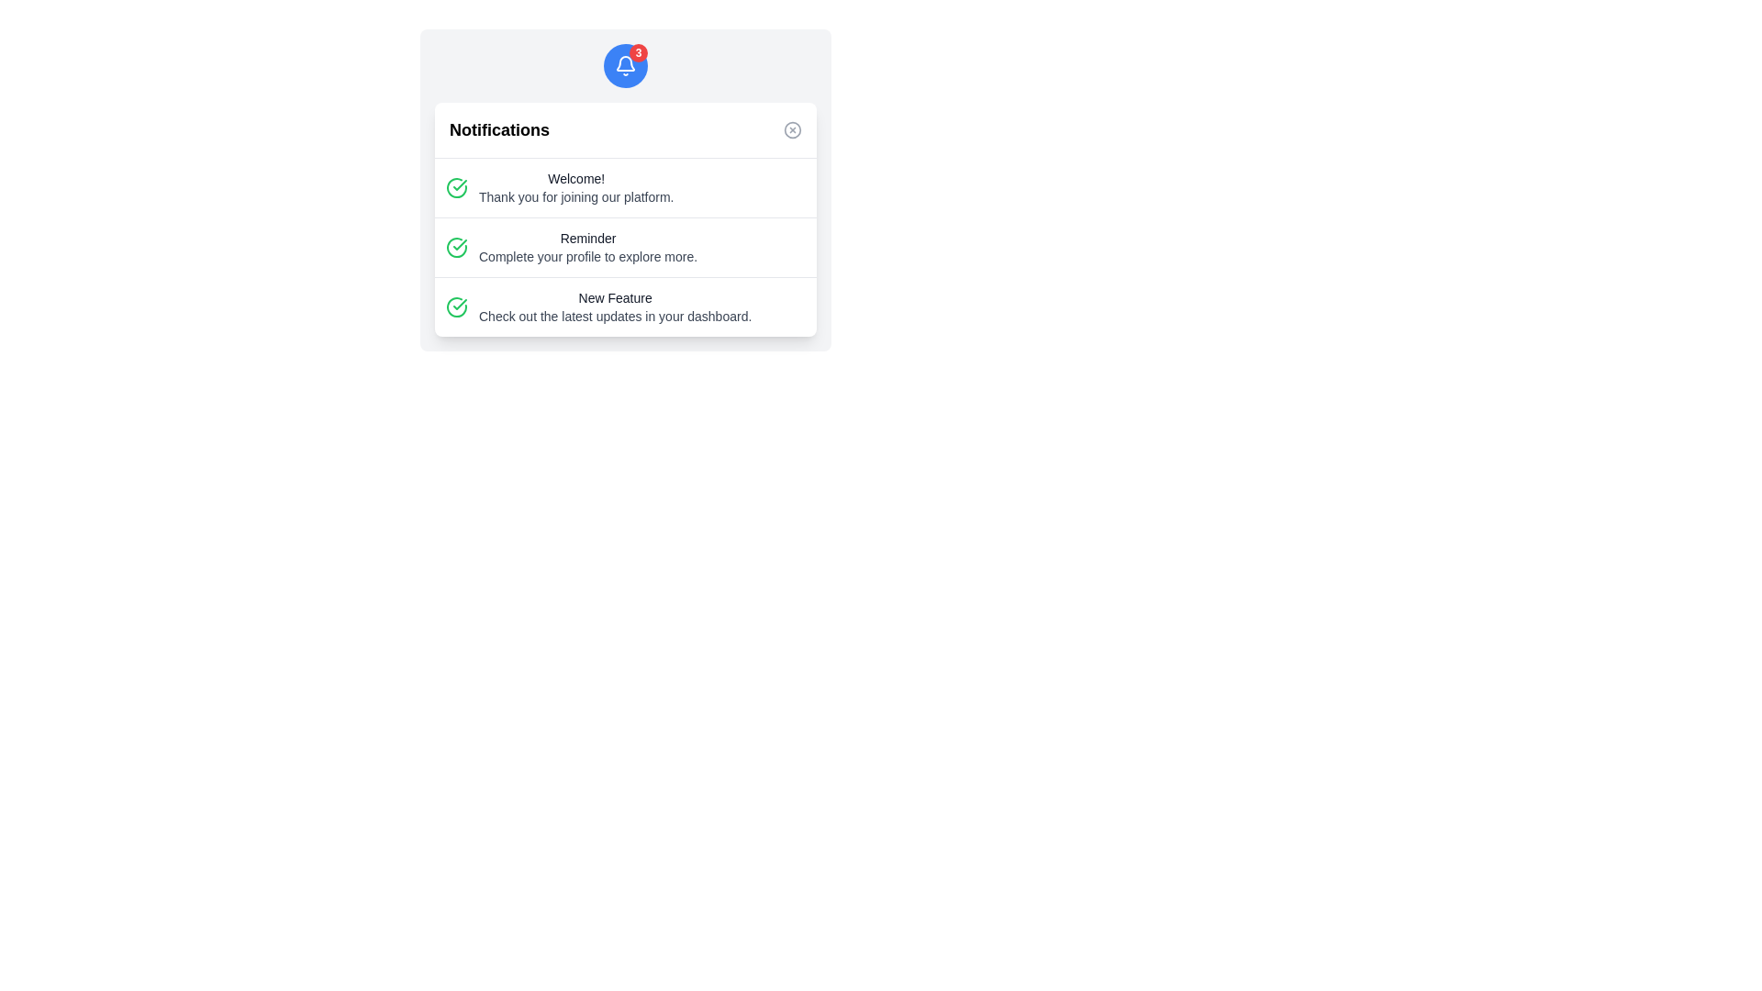 The width and height of the screenshot is (1762, 991). What do you see at coordinates (575, 179) in the screenshot?
I see `text label that says 'Welcome!' which is styled in medium-sized bold dark gray sans-serif font, located in the first row of the notification list` at bounding box center [575, 179].